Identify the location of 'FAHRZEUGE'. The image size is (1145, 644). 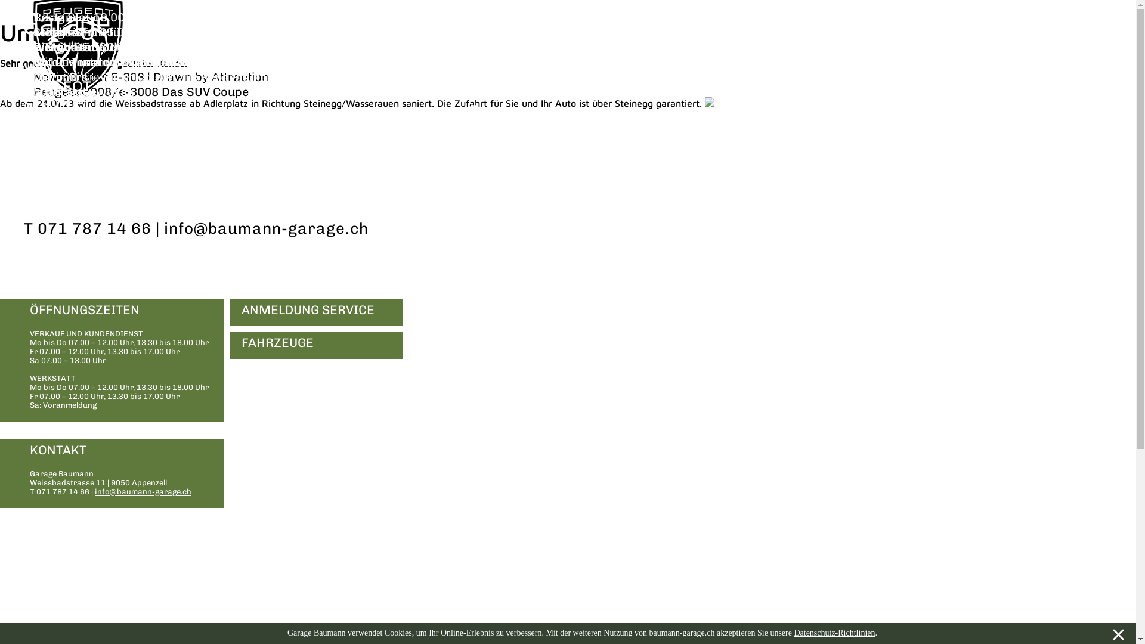
(229, 345).